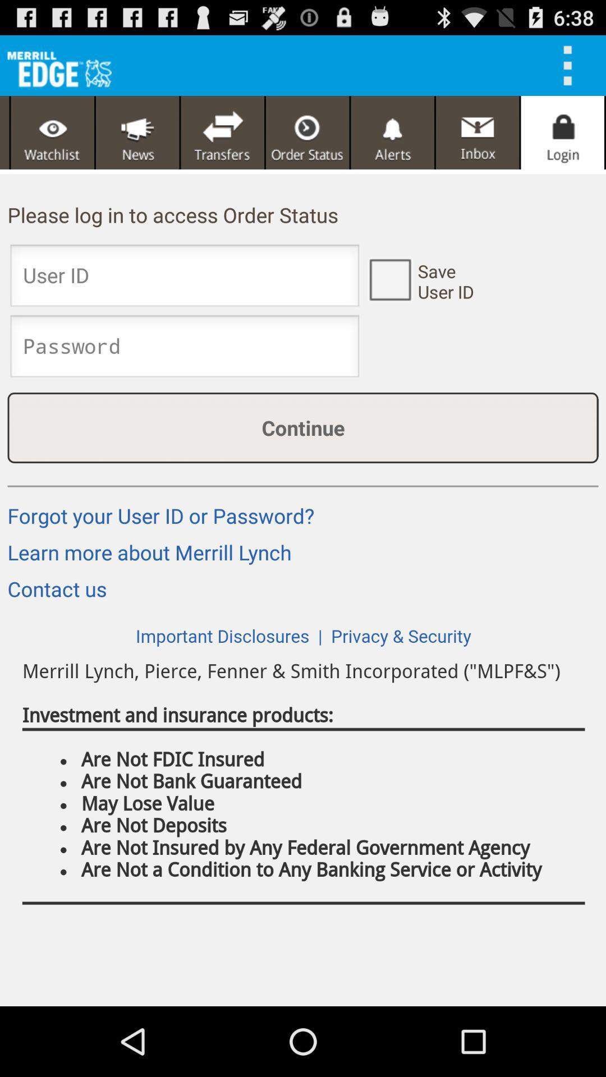 The width and height of the screenshot is (606, 1077). Describe the element at coordinates (562, 132) in the screenshot. I see `login screen` at that location.